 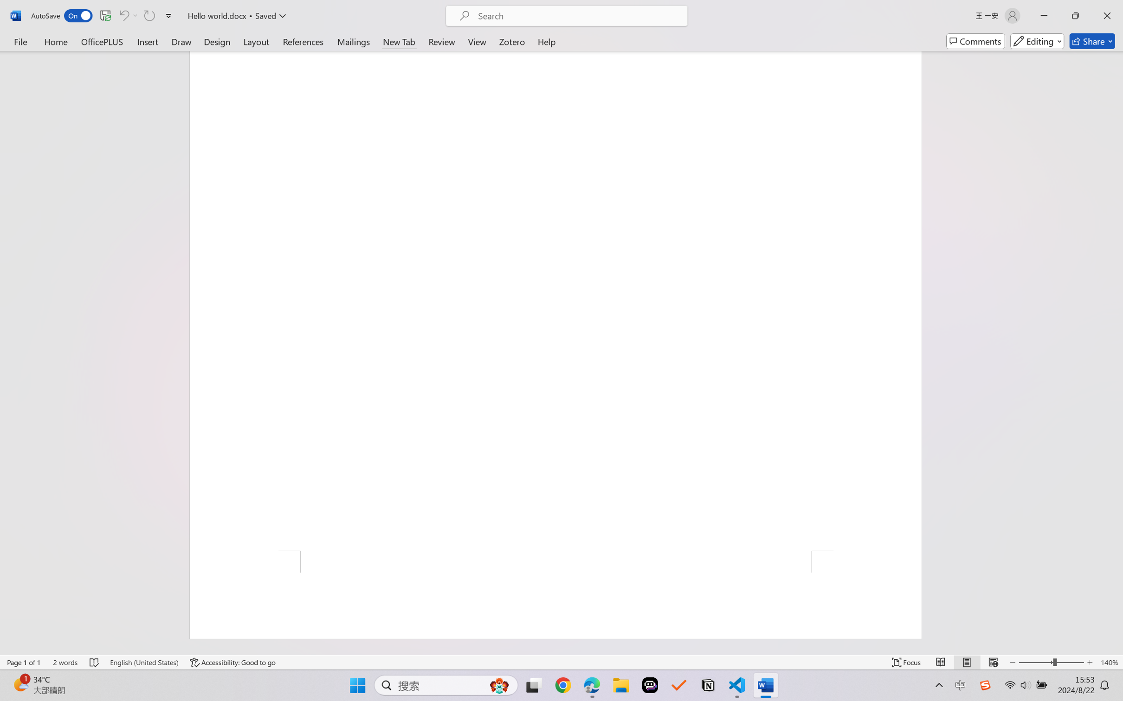 What do you see at coordinates (1035, 662) in the screenshot?
I see `'Zoom Out'` at bounding box center [1035, 662].